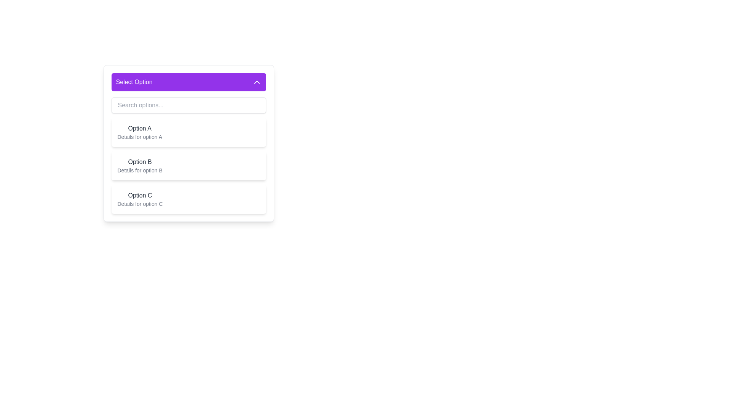 This screenshot has width=731, height=411. I want to click on the first selection box labeled 'Option A', so click(188, 132).